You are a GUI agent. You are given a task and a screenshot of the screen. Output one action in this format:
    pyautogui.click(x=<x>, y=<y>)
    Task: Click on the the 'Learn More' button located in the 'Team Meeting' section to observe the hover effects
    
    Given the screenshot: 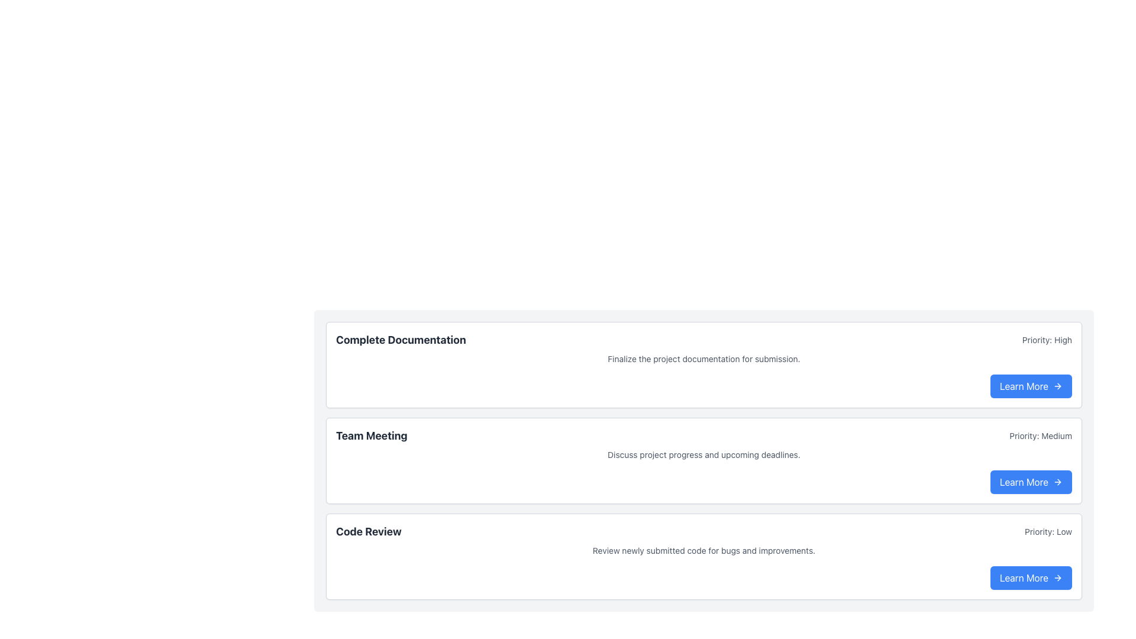 What is the action you would take?
    pyautogui.click(x=1030, y=482)
    